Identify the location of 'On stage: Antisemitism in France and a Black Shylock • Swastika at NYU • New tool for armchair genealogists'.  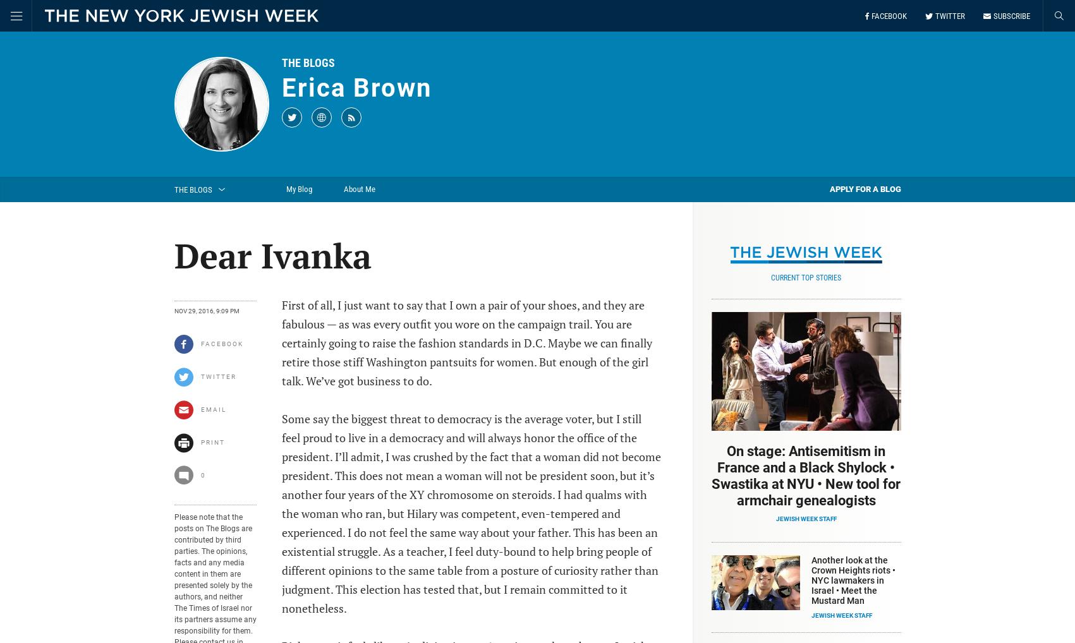
(806, 474).